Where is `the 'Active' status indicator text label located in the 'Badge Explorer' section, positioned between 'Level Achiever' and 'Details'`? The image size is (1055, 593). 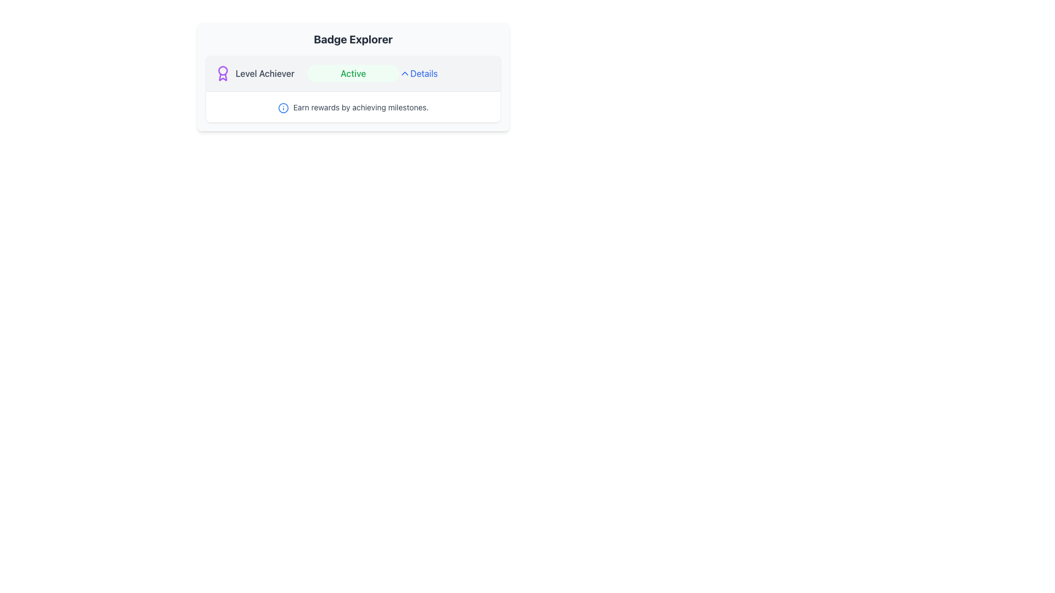 the 'Active' status indicator text label located in the 'Badge Explorer' section, positioned between 'Level Achiever' and 'Details' is located at coordinates (353, 76).